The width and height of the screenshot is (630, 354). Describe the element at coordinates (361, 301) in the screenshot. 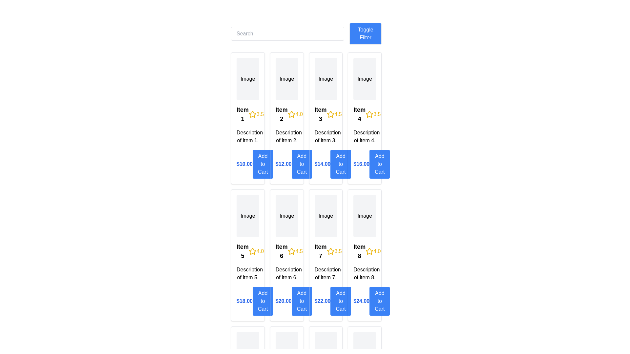

I see `the price tag element displaying '$24.00', which is styled with a bold blue font and located at the bottom of the card for Item 8, to the left of the 'Add to Cart' button` at that location.